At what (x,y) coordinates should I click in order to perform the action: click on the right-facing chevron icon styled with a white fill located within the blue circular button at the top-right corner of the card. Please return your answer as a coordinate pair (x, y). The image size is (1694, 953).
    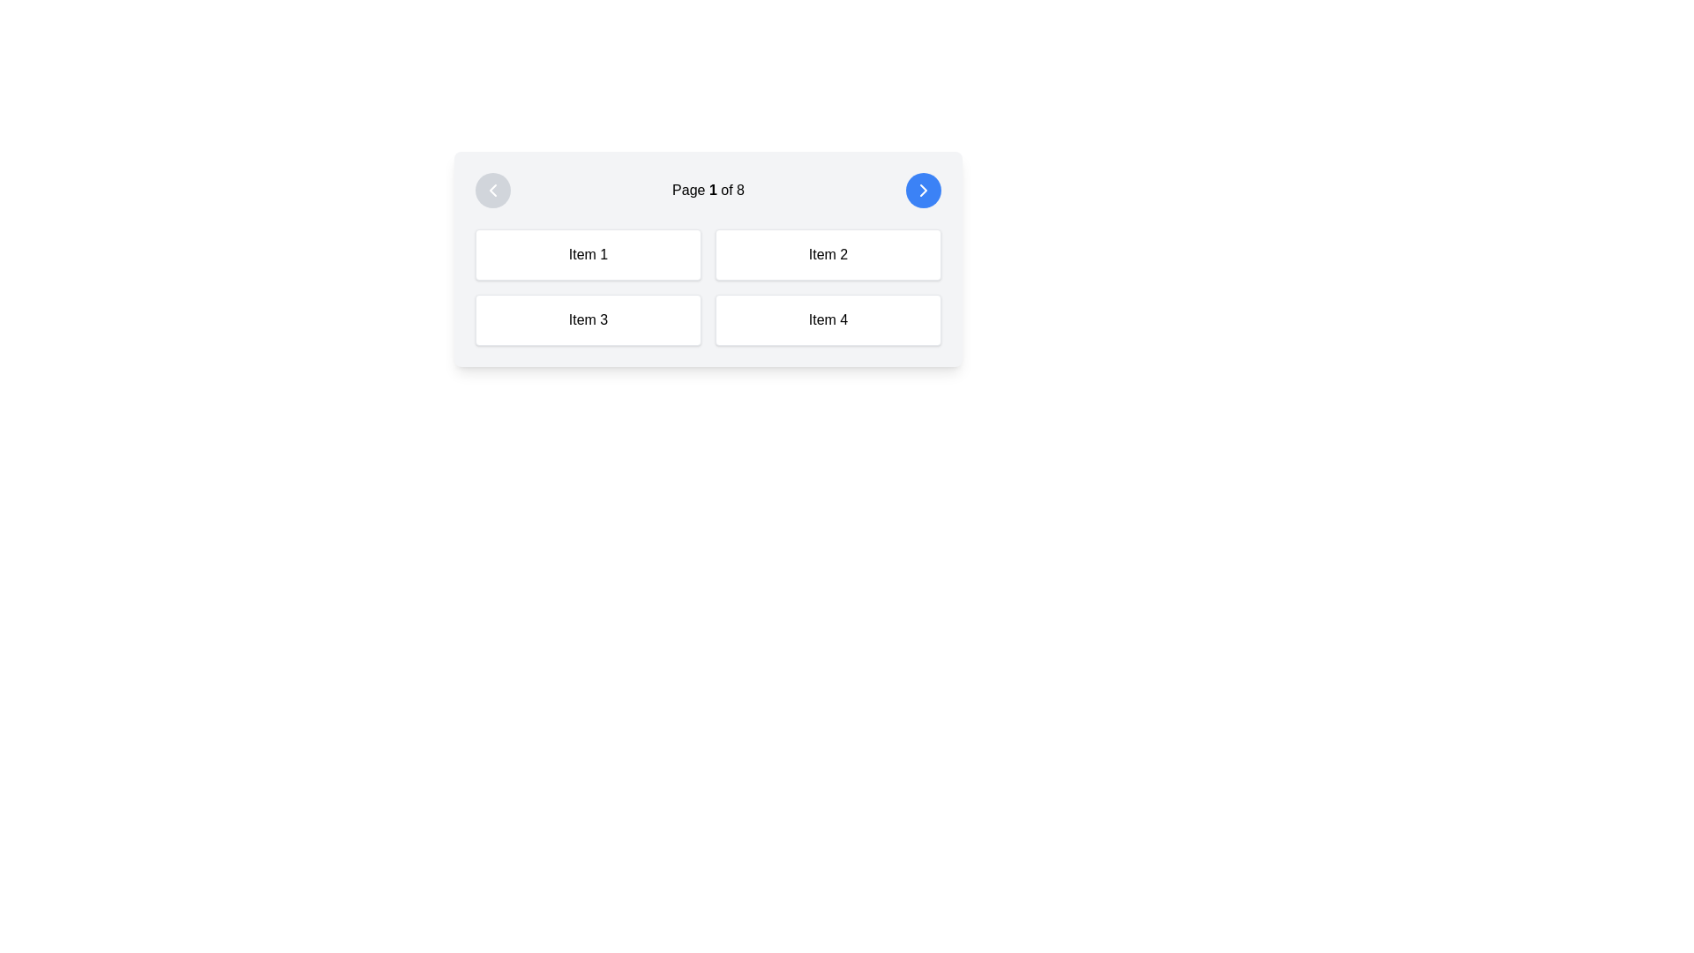
    Looking at the image, I should click on (922, 191).